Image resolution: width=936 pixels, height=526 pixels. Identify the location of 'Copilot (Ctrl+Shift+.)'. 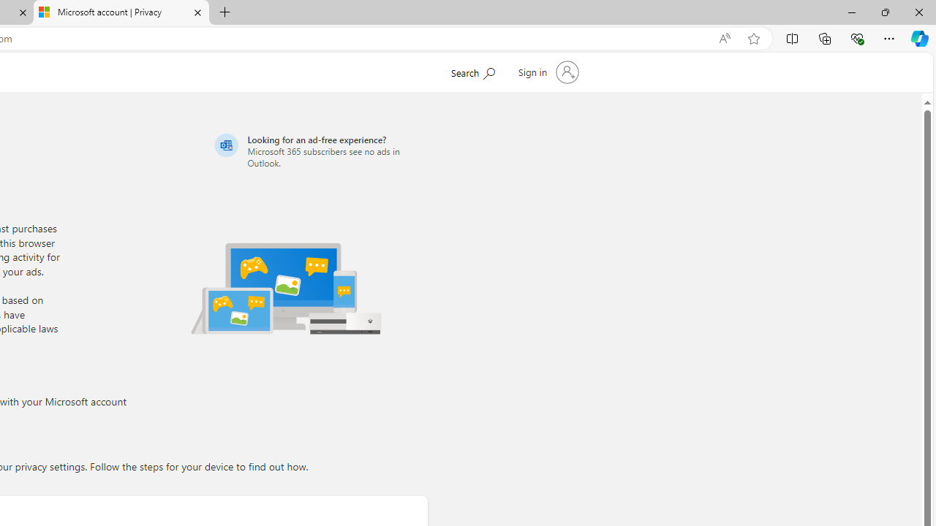
(919, 37).